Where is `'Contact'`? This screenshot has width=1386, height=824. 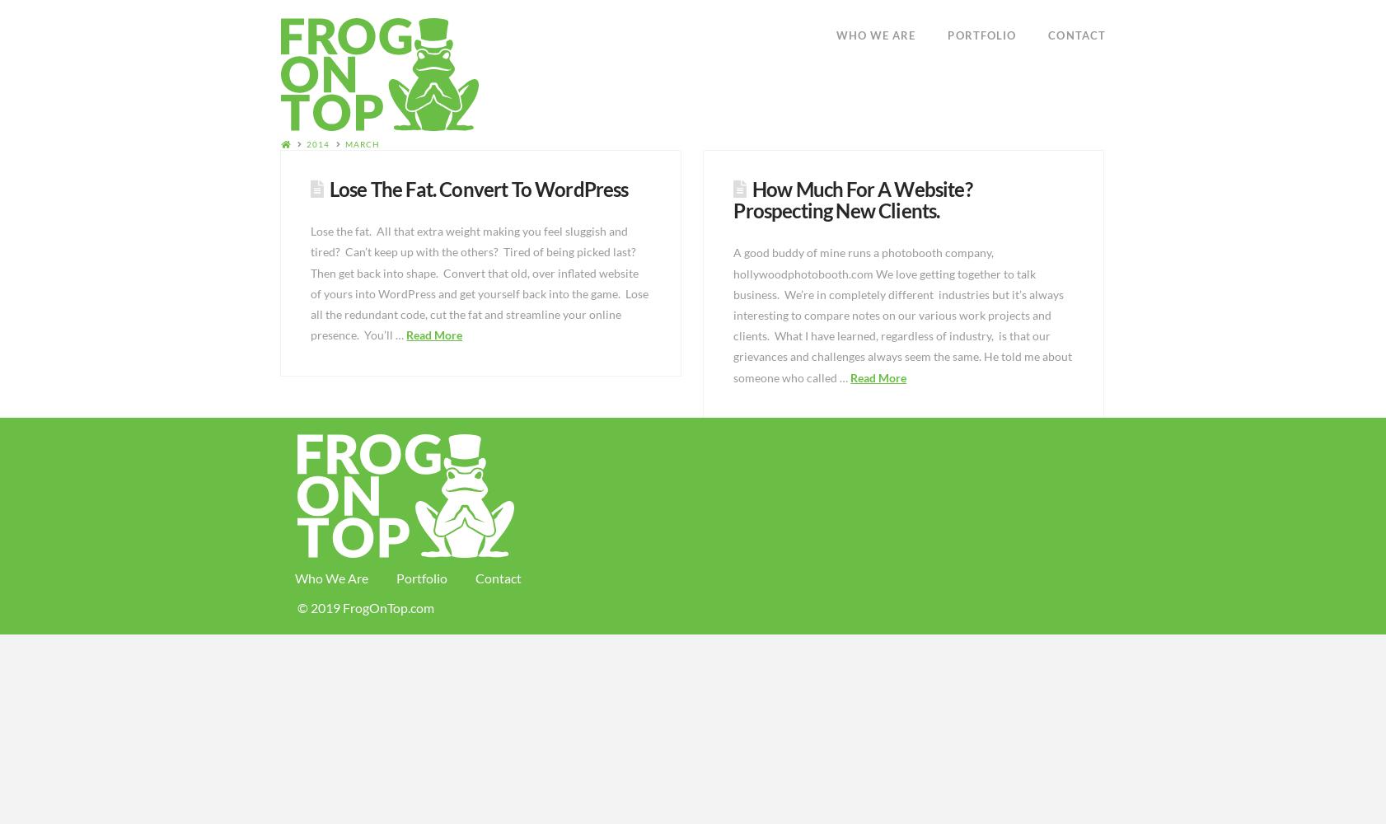
'Contact' is located at coordinates (499, 577).